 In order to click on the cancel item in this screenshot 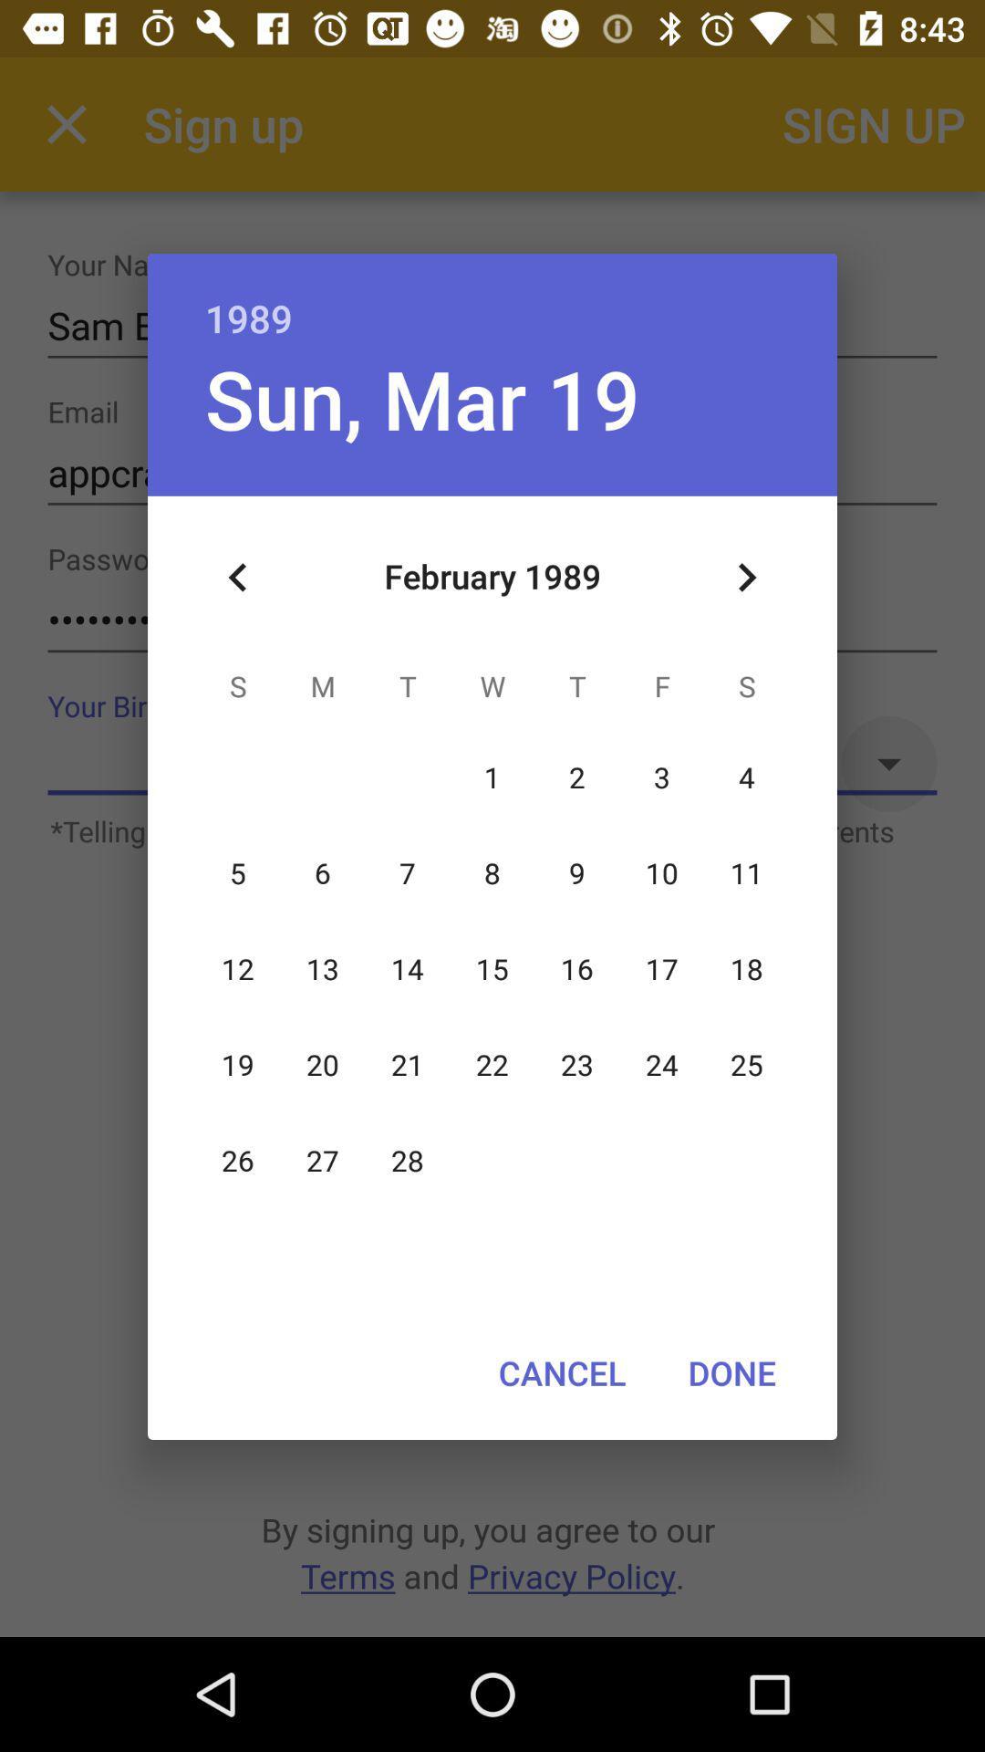, I will do `click(561, 1372)`.